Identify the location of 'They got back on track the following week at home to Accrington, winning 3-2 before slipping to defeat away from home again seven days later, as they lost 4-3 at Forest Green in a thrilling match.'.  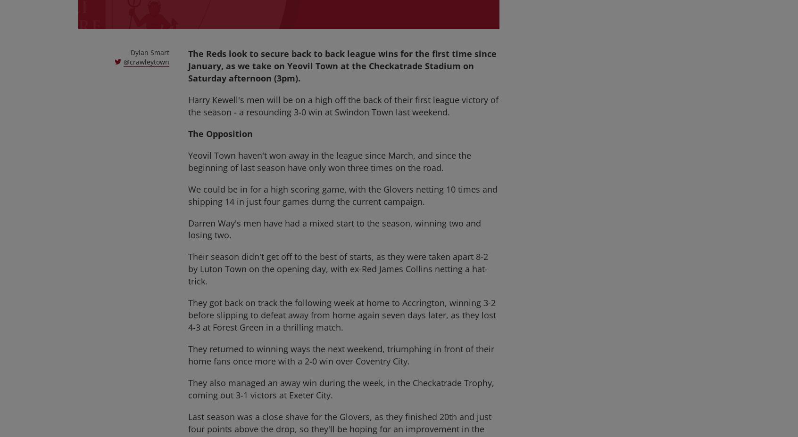
(341, 315).